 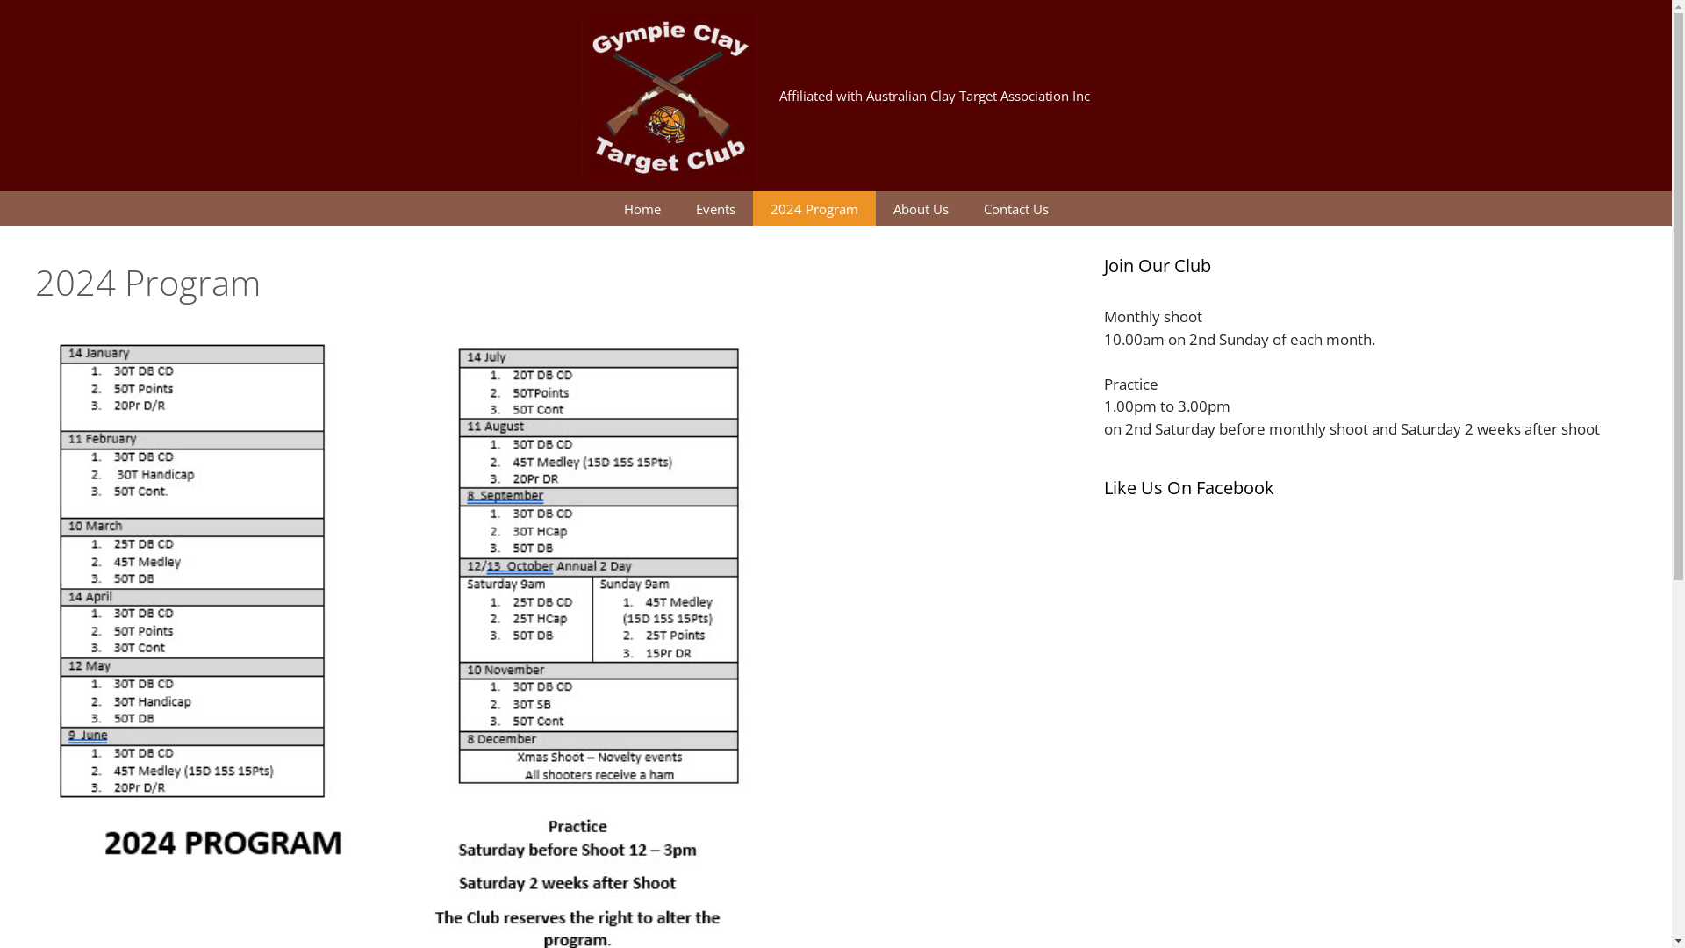 What do you see at coordinates (920, 208) in the screenshot?
I see `'About Us'` at bounding box center [920, 208].